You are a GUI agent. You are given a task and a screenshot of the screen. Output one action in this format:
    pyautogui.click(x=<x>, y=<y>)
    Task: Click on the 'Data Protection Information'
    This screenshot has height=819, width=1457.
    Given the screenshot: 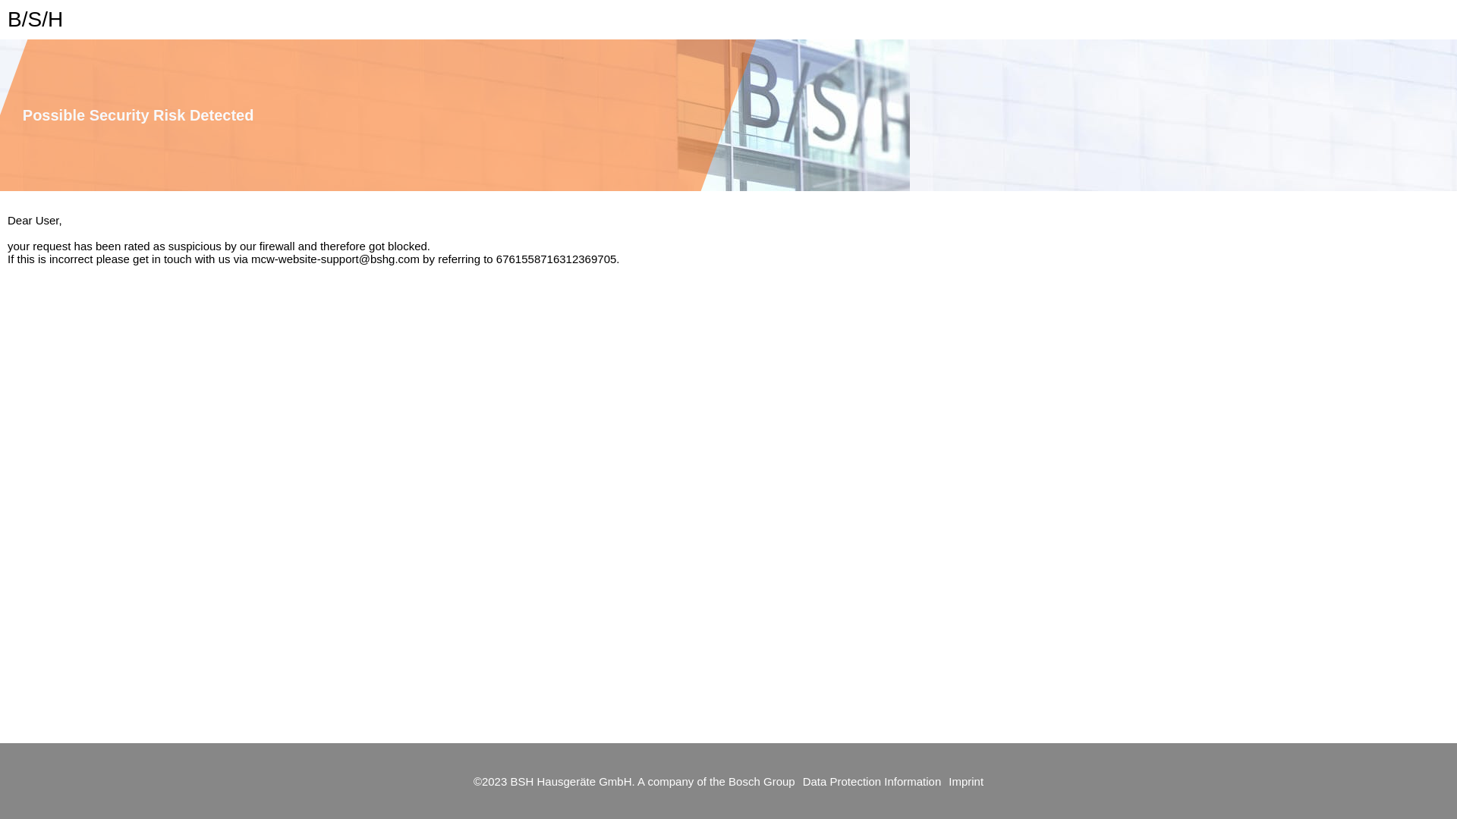 What is the action you would take?
    pyautogui.click(x=872, y=781)
    